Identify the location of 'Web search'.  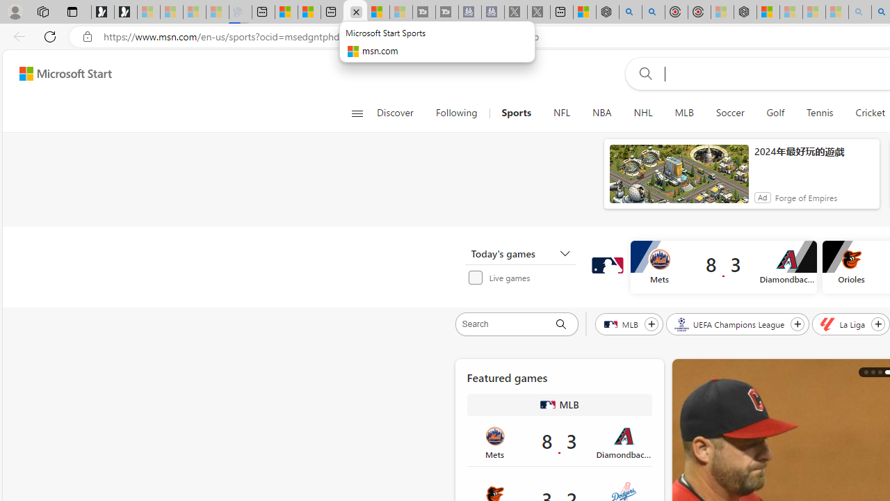
(642, 73).